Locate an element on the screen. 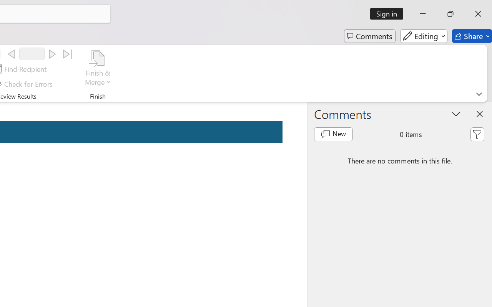  'Sign in' is located at coordinates (389, 13).